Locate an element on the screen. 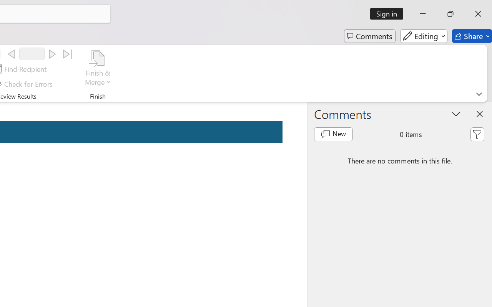  'Sign in' is located at coordinates (389, 13).